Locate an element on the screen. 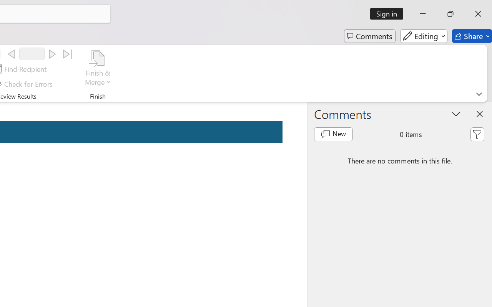  'Sign in' is located at coordinates (389, 13).